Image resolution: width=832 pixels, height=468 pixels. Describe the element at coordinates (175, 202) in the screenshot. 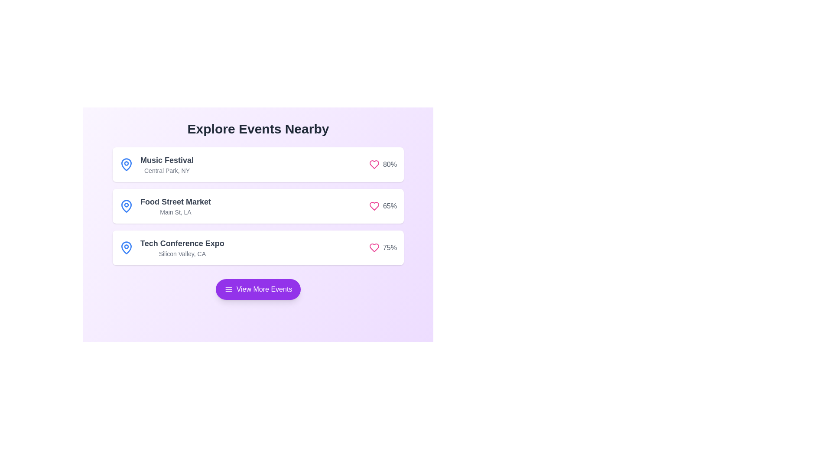

I see `the static text label that serves as the title of the depicted event, located in the second event box of a vertically stacked list, positioned above the smaller text reading 'Main St, LA'` at that location.